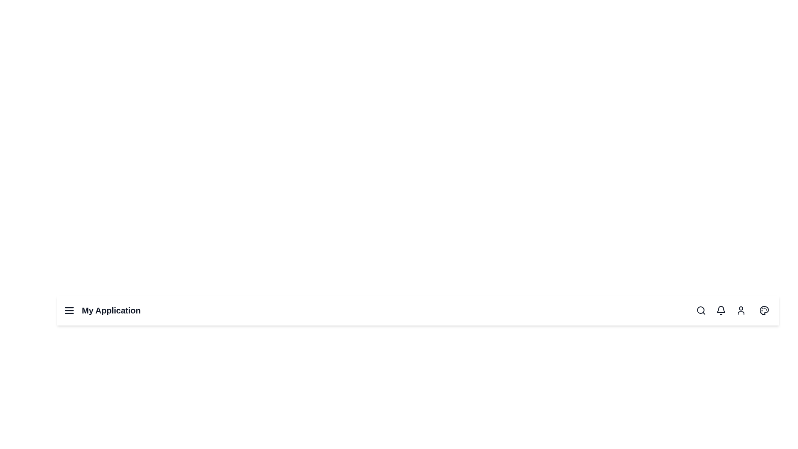 This screenshot has width=798, height=449. Describe the element at coordinates (700, 311) in the screenshot. I see `the search icon to activate the search functionality` at that location.